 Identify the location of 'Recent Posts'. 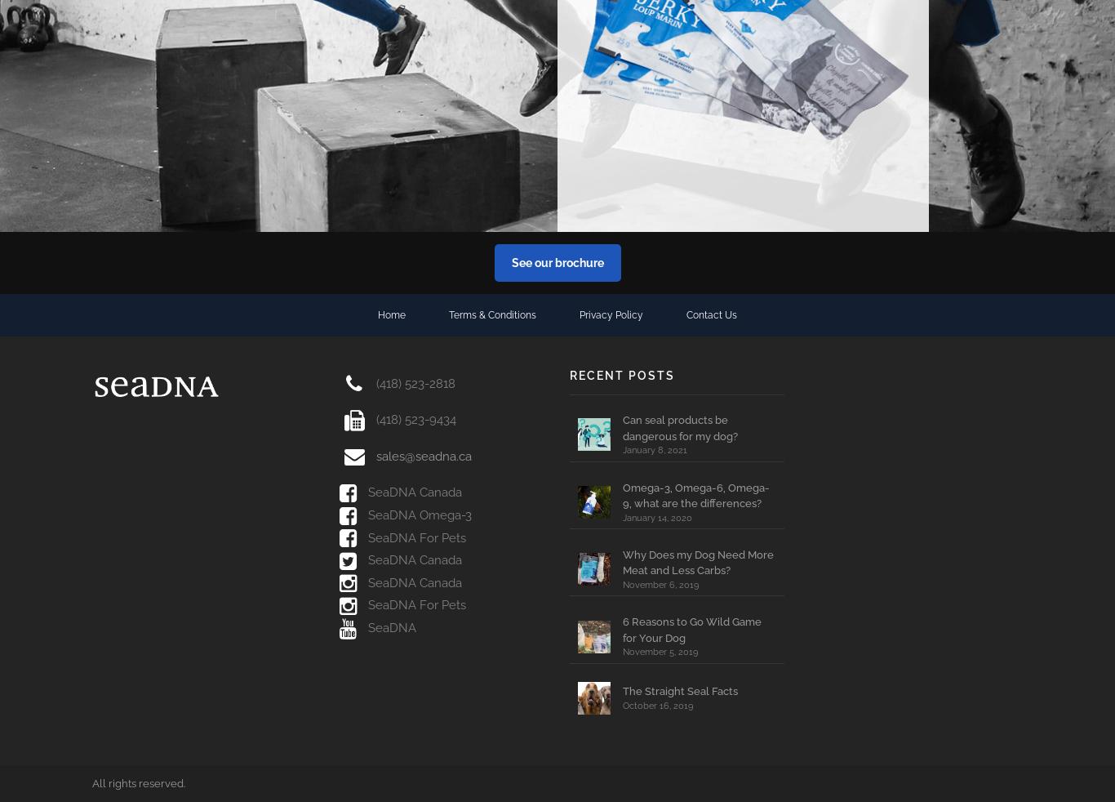
(570, 374).